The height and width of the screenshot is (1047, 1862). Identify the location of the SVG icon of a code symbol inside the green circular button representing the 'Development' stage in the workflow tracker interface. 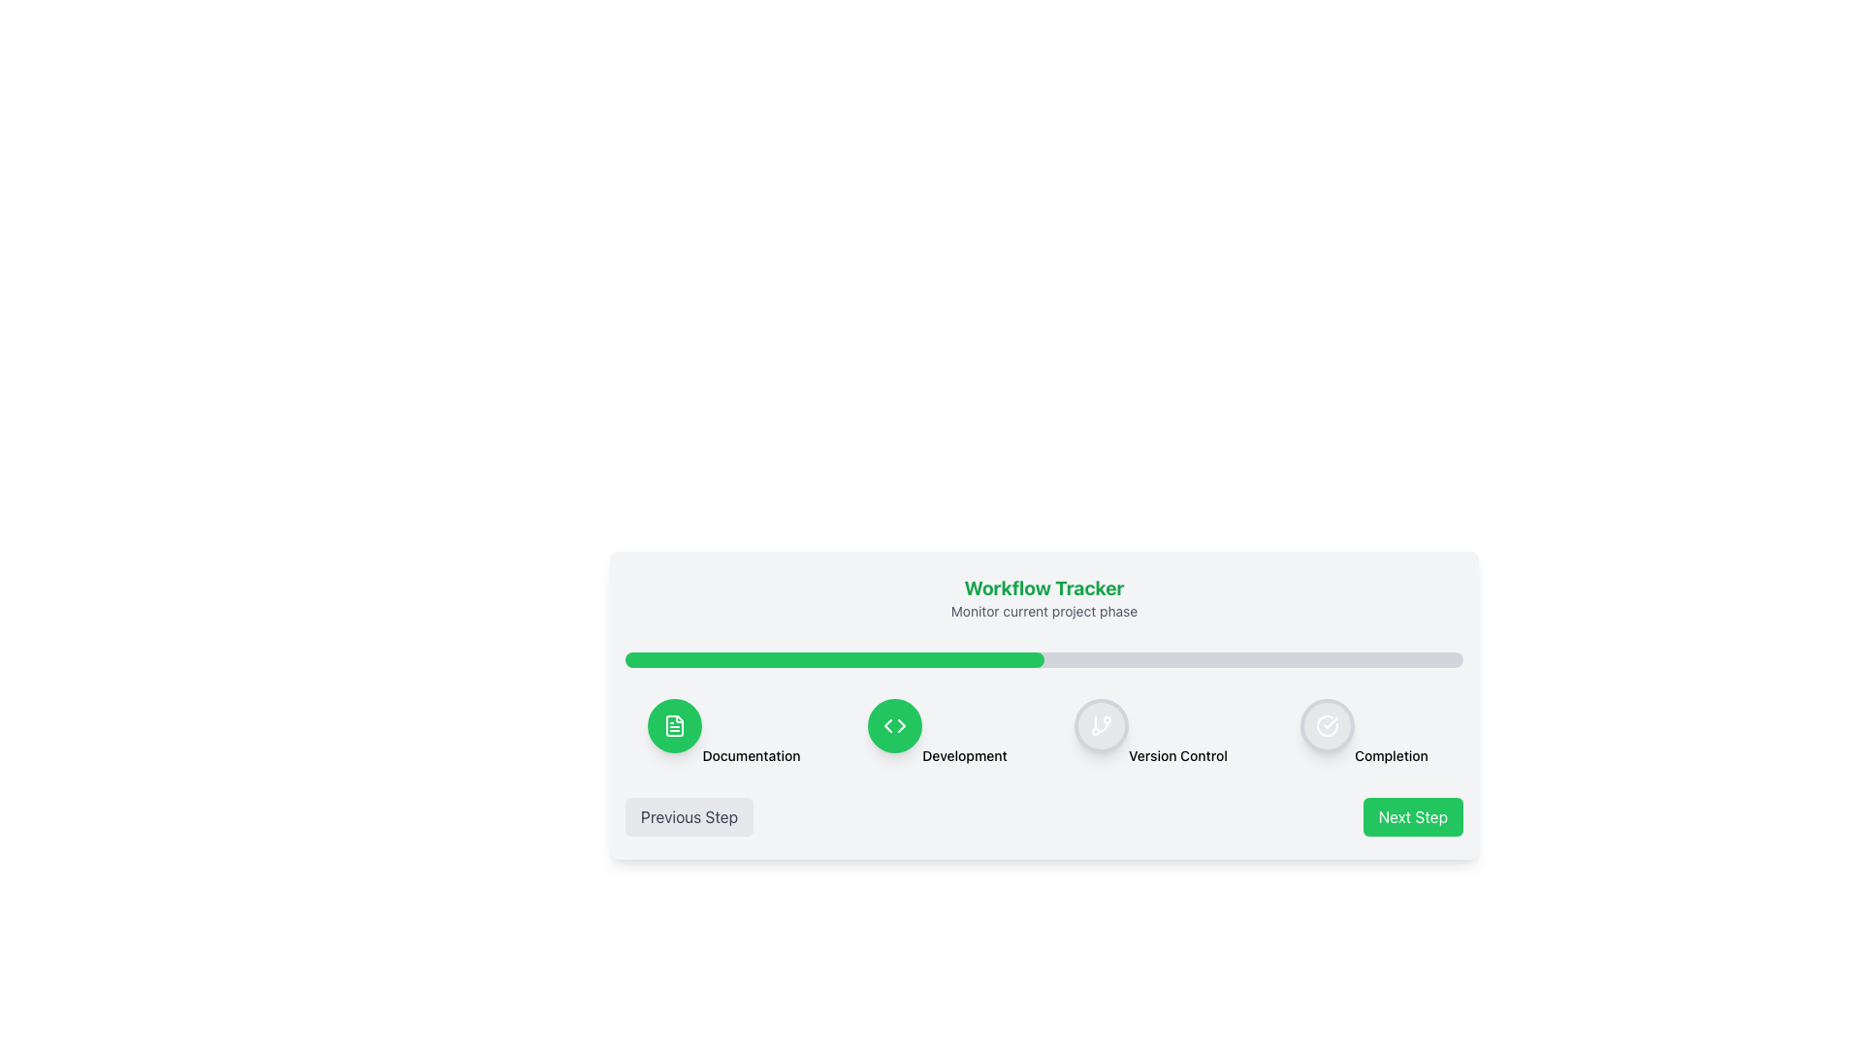
(894, 725).